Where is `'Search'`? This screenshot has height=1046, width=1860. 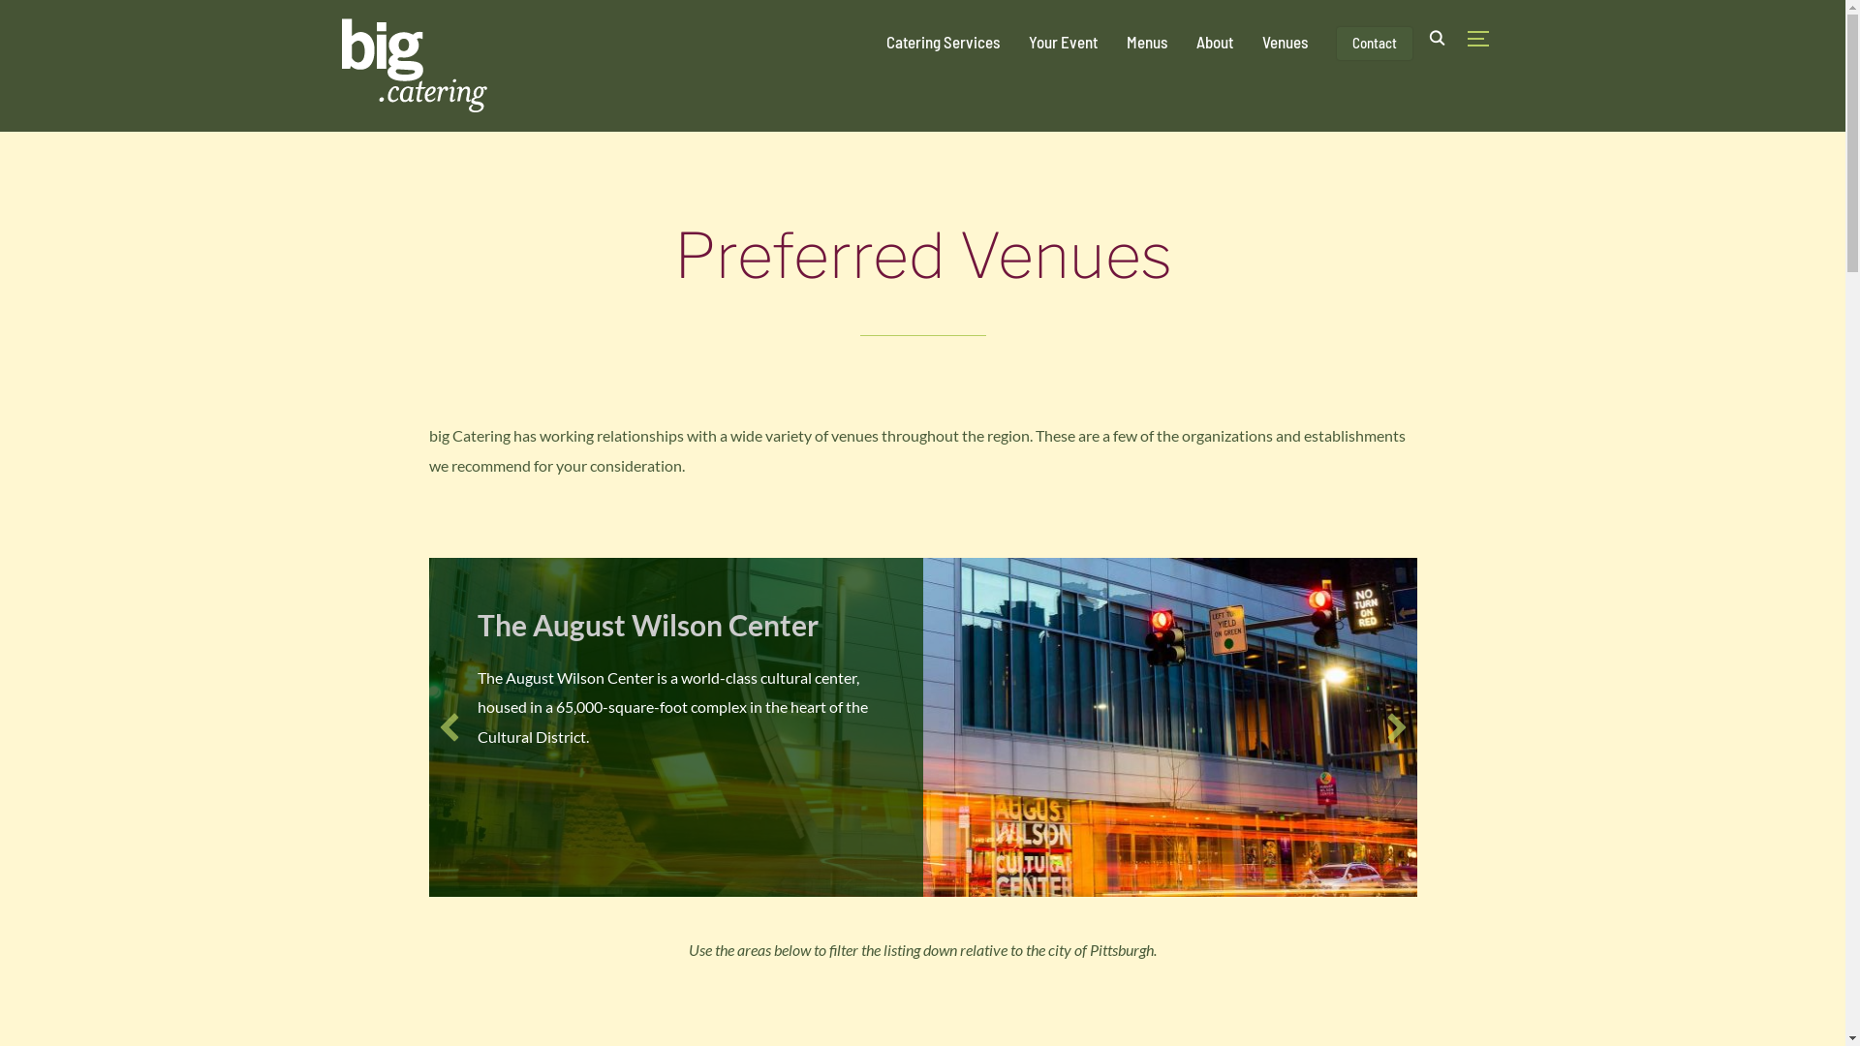 'Search' is located at coordinates (18, 18).